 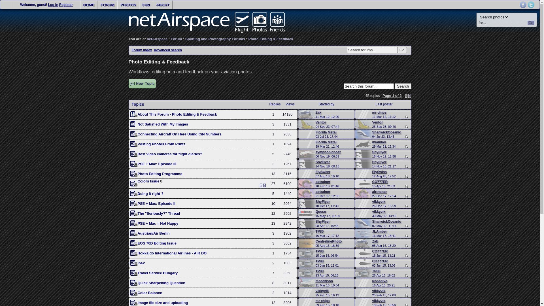 What do you see at coordinates (324, 281) in the screenshot?
I see `'mhodgson'` at bounding box center [324, 281].